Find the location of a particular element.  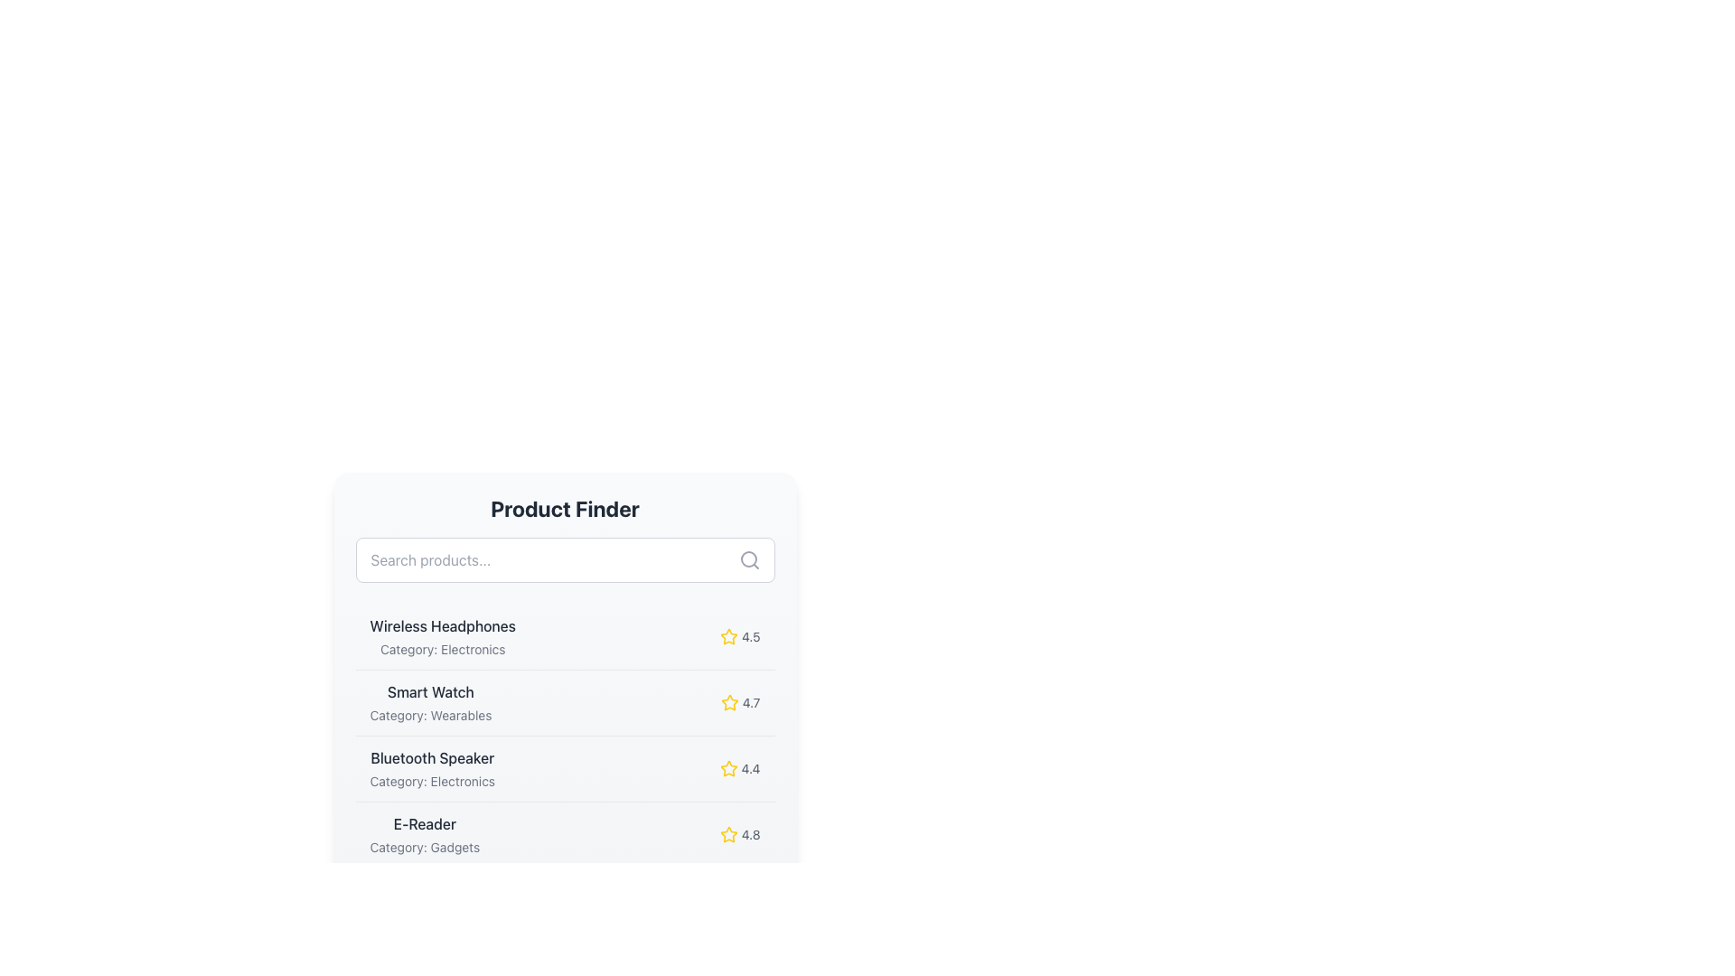

the Rating indicator for the 'Bluetooth Speaker' product, which is located on the right side of the row titled 'Bluetooth Speaker.' is located at coordinates (740, 769).